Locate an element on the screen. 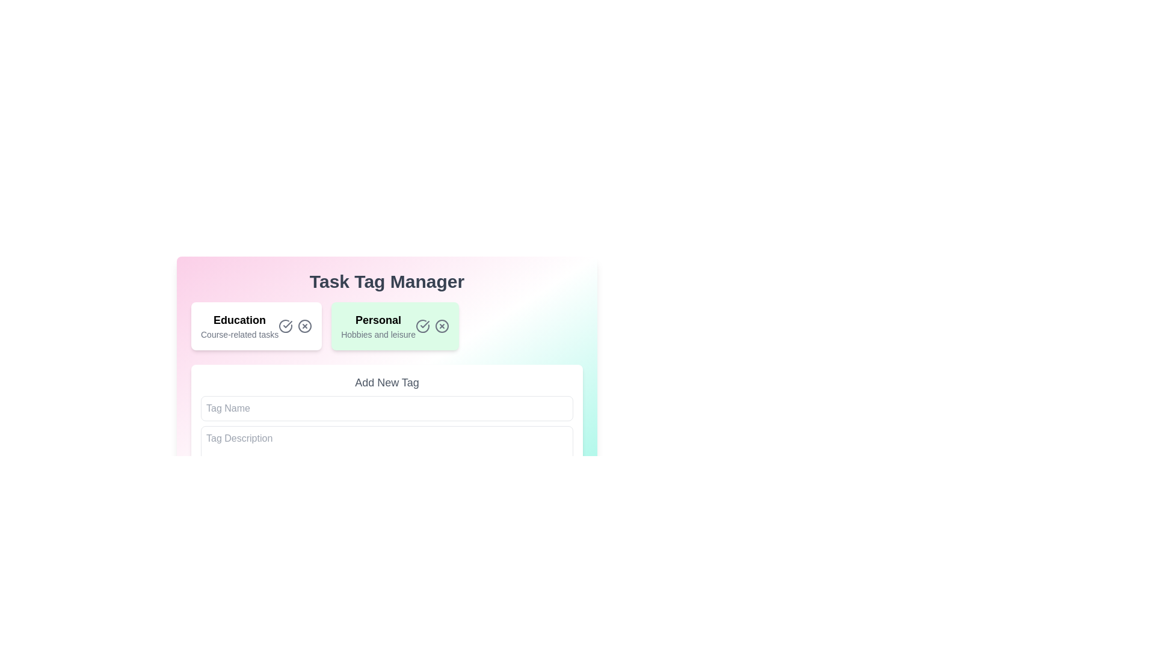  the circular interactive icon with a checkmark inside, located in the 'Personal' section, to mark the section is located at coordinates (422, 326).